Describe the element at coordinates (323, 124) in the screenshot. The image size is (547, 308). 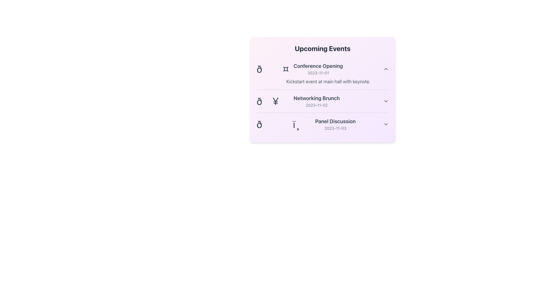
I see `the third Interactive event card in the 'Upcoming Events' section` at that location.